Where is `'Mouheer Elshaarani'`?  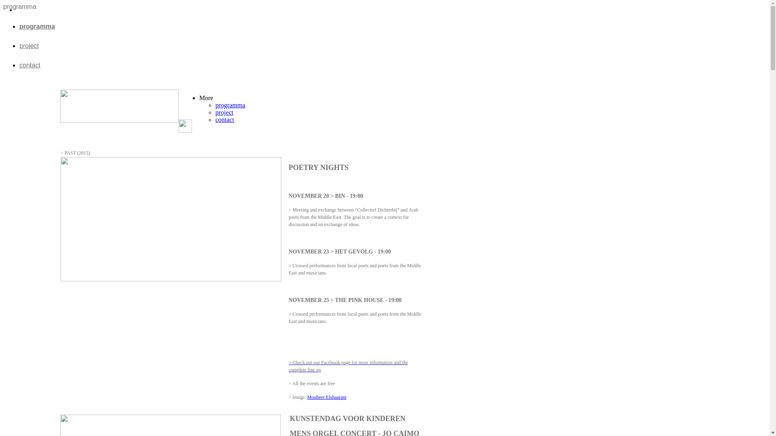
'Mouheer Elshaarani' is located at coordinates (327, 396).